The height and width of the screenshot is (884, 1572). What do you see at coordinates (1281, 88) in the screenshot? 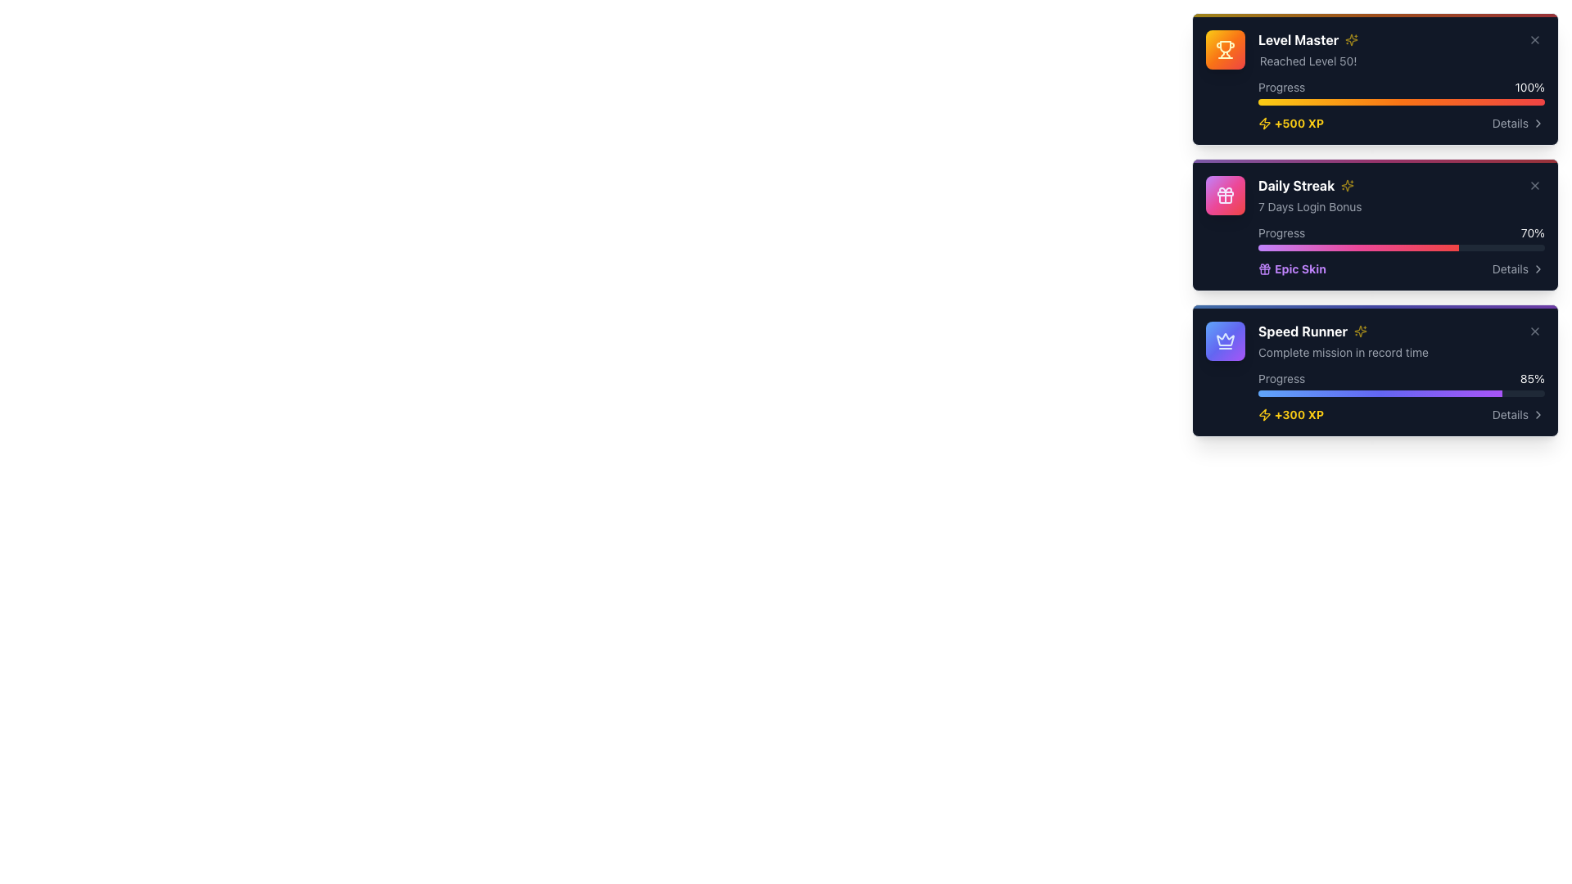
I see `Label element that visually describes the progress bar, located at the top-right card of the vertically stacked list of three cards` at bounding box center [1281, 88].